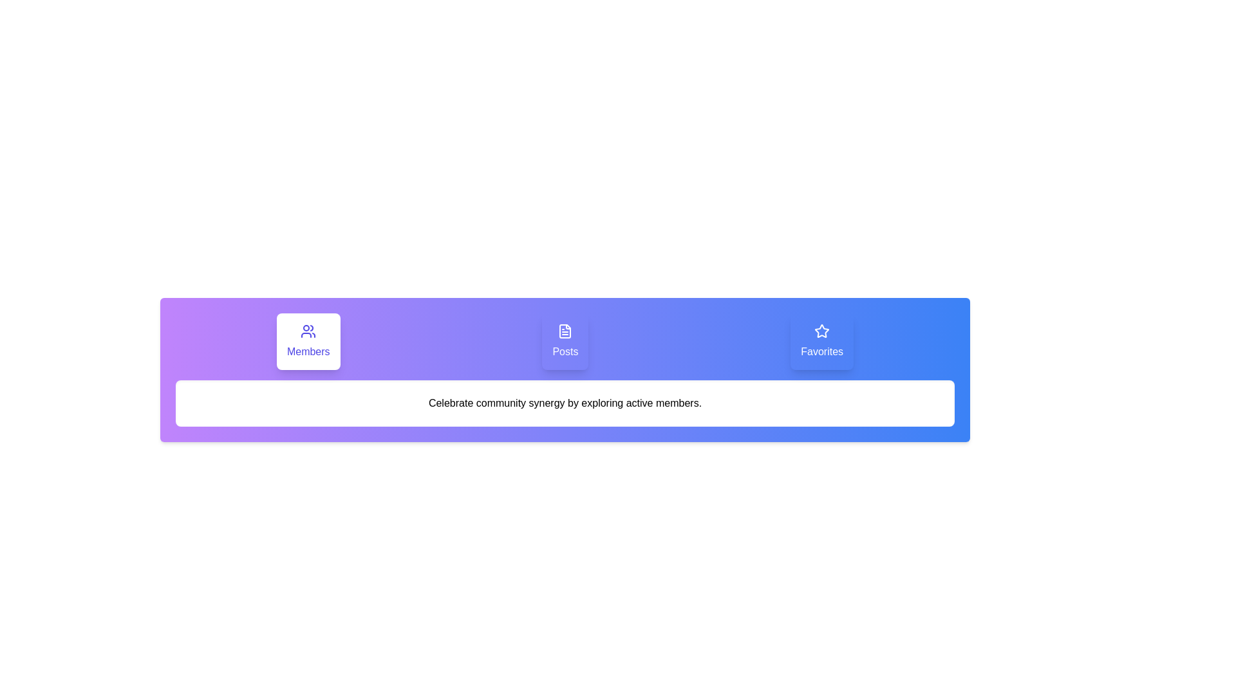 This screenshot has height=695, width=1236. What do you see at coordinates (565, 341) in the screenshot?
I see `the Posts tab by clicking on it` at bounding box center [565, 341].